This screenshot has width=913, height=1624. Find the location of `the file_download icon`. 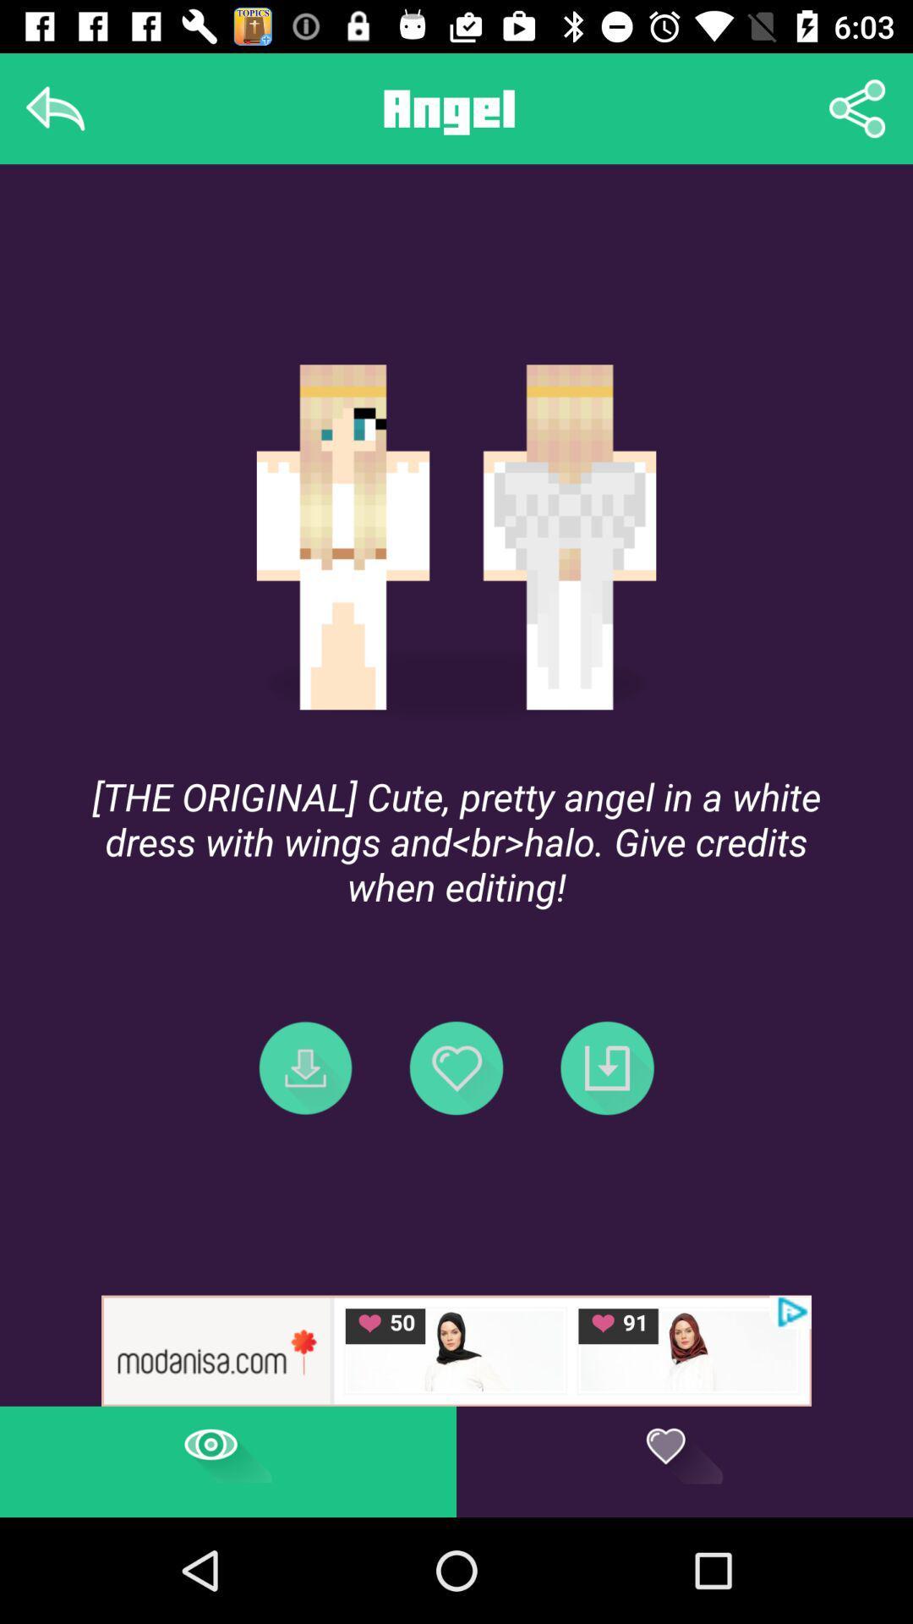

the file_download icon is located at coordinates (606, 1067).